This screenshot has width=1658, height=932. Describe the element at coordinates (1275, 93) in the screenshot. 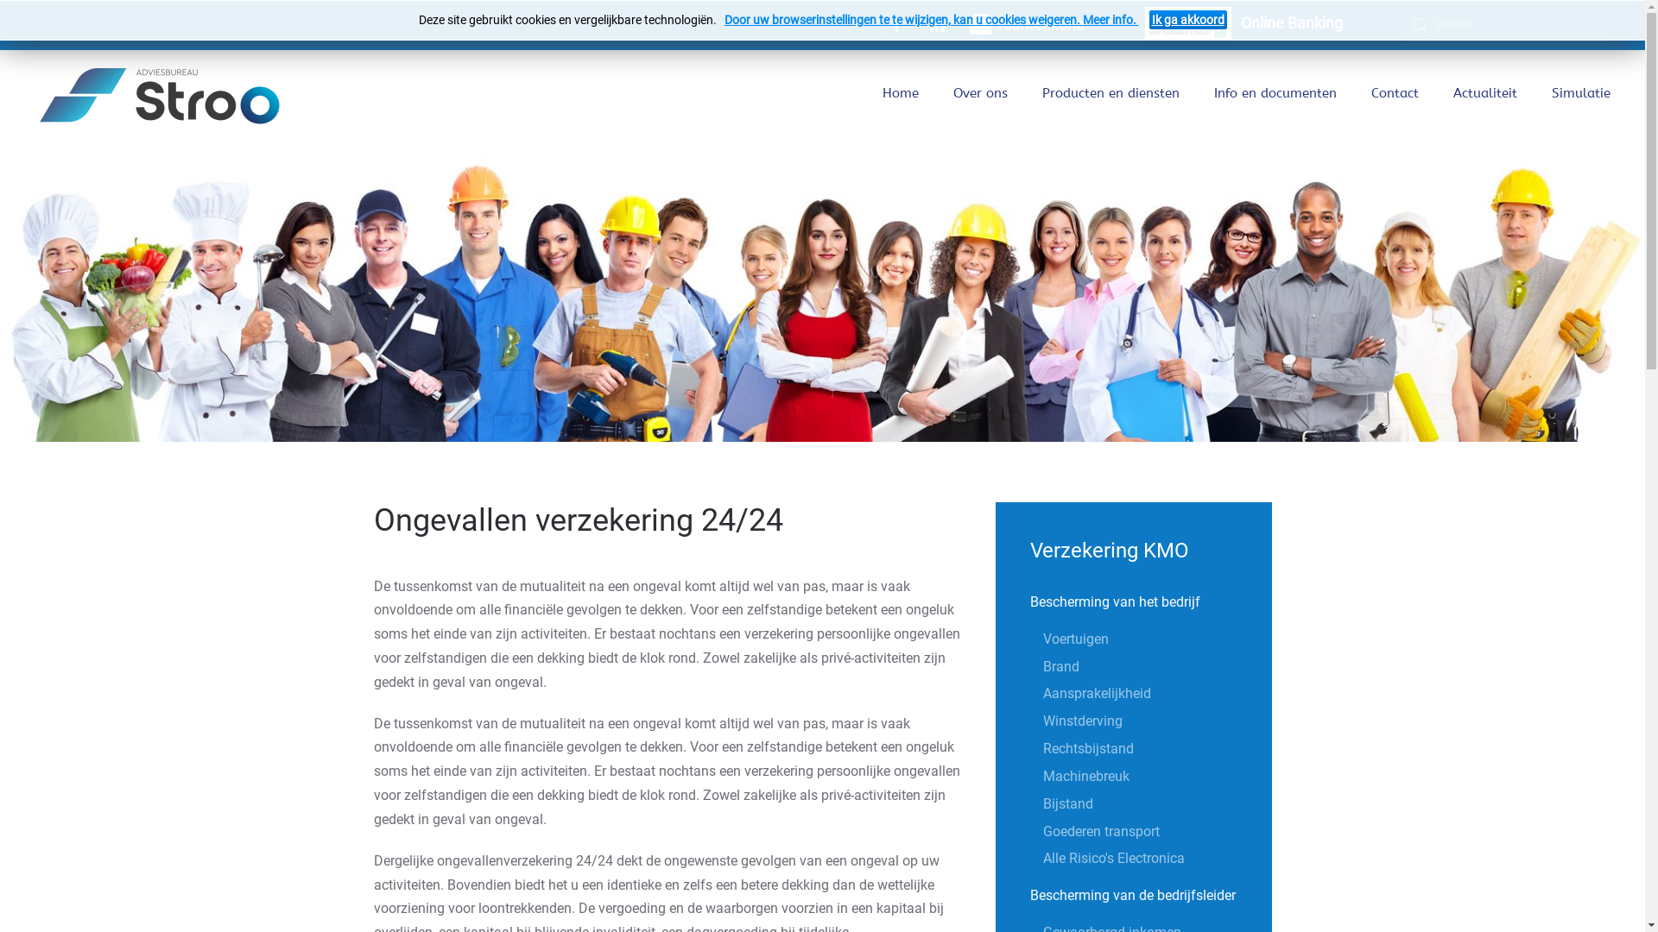

I see `'Info en documenten'` at that location.